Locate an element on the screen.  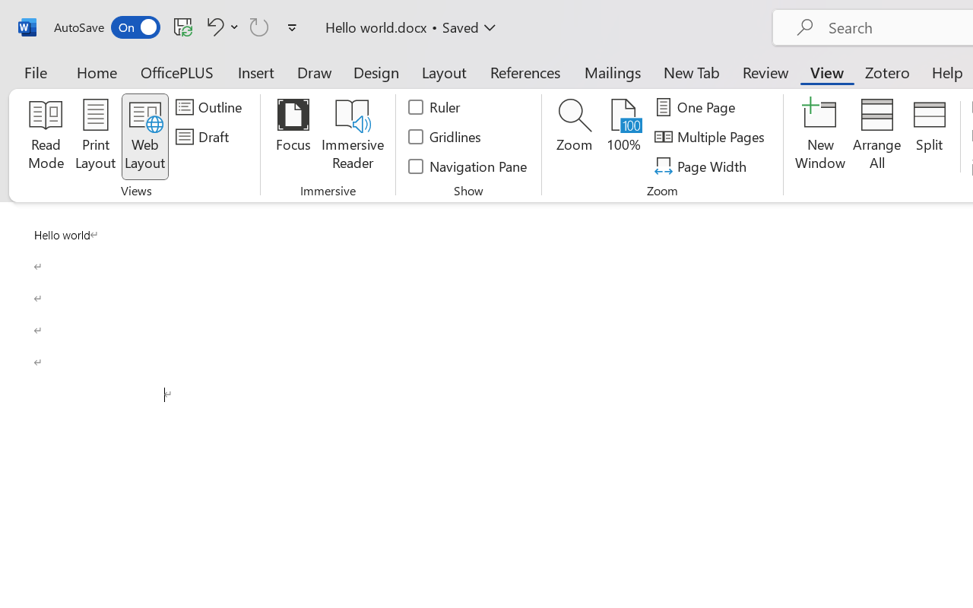
'More Options' is located at coordinates (234, 26).